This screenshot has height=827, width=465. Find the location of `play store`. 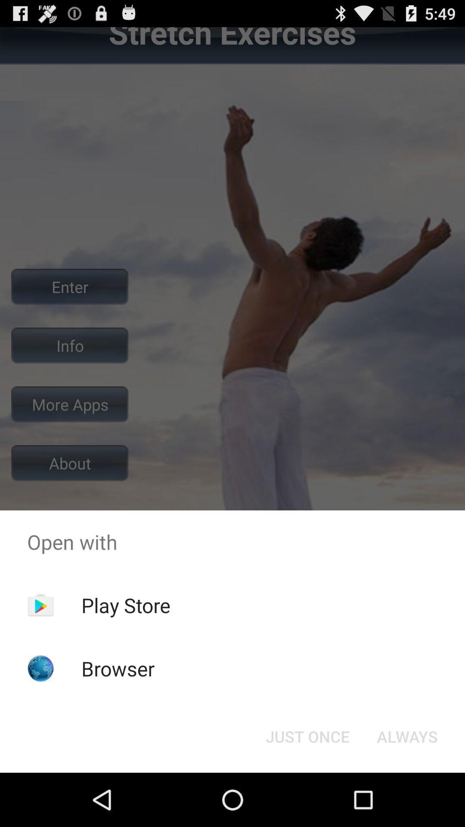

play store is located at coordinates (126, 605).